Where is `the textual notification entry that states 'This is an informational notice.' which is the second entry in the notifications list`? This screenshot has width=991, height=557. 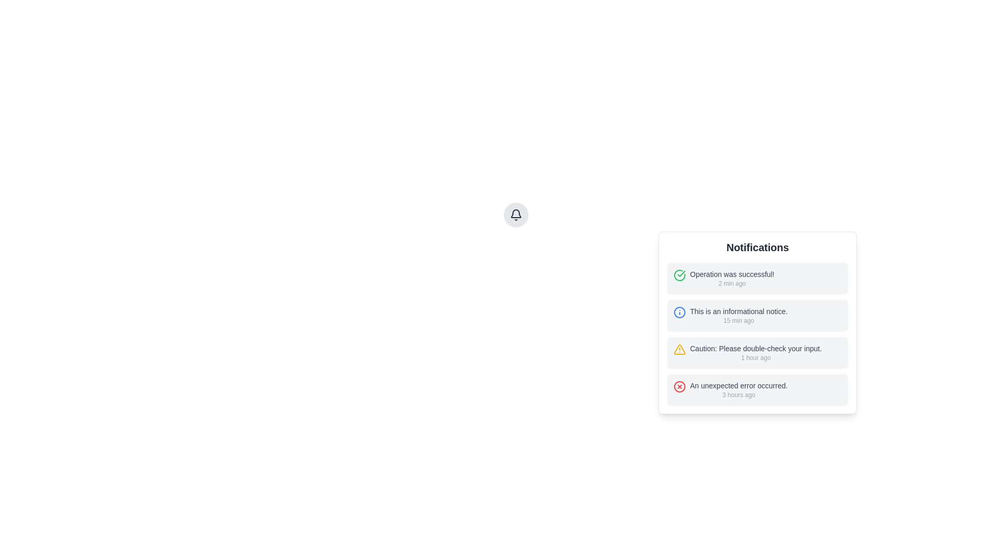
the textual notification entry that states 'This is an informational notice.' which is the second entry in the notifications list is located at coordinates (738, 315).